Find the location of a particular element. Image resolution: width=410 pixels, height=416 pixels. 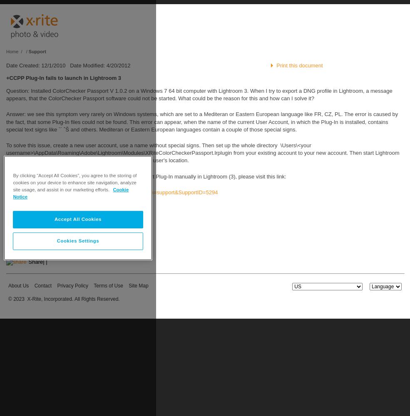

'Support' is located at coordinates (37, 51).